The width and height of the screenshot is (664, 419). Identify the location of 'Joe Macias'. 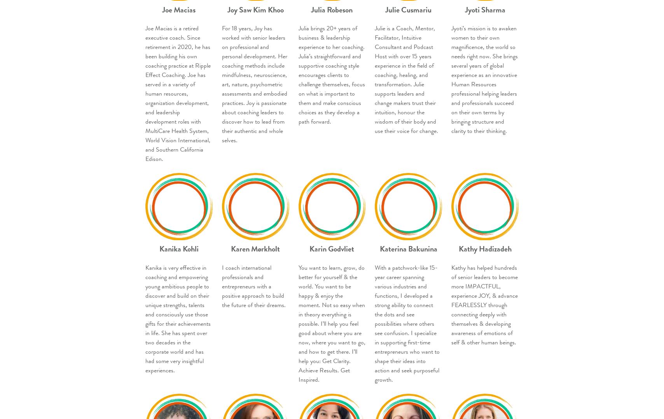
(178, 9).